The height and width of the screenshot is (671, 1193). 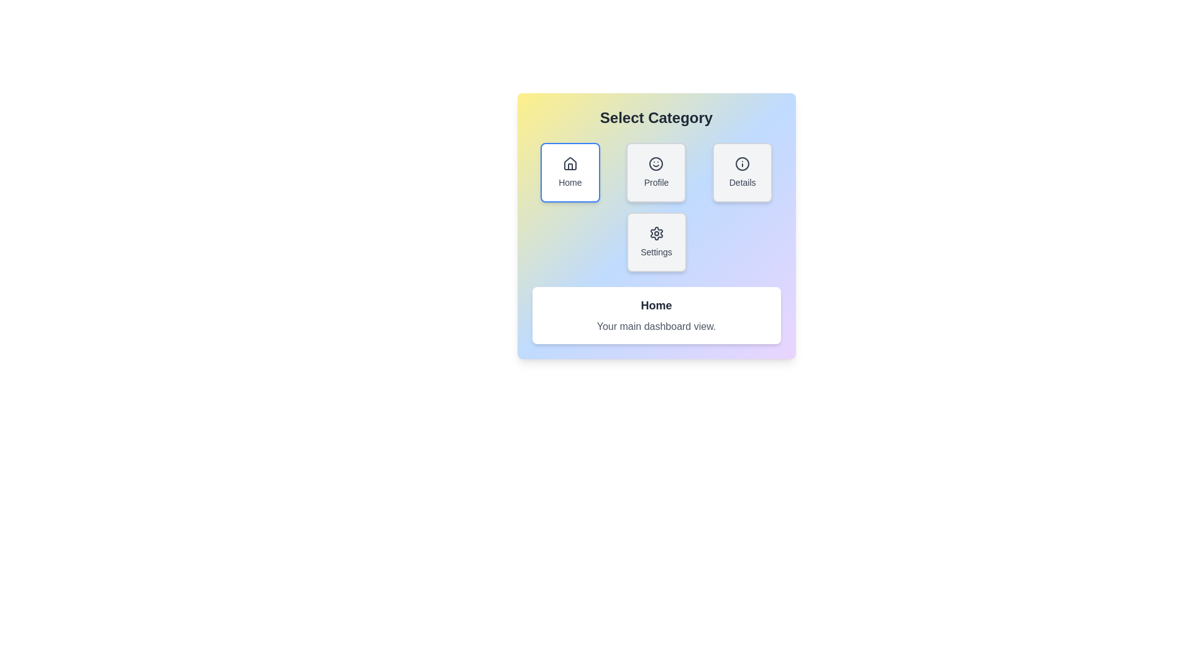 What do you see at coordinates (656, 326) in the screenshot?
I see `text element stating 'Your main dashboard view.' which is located under the 'Home' label in a white box with rounded corners` at bounding box center [656, 326].